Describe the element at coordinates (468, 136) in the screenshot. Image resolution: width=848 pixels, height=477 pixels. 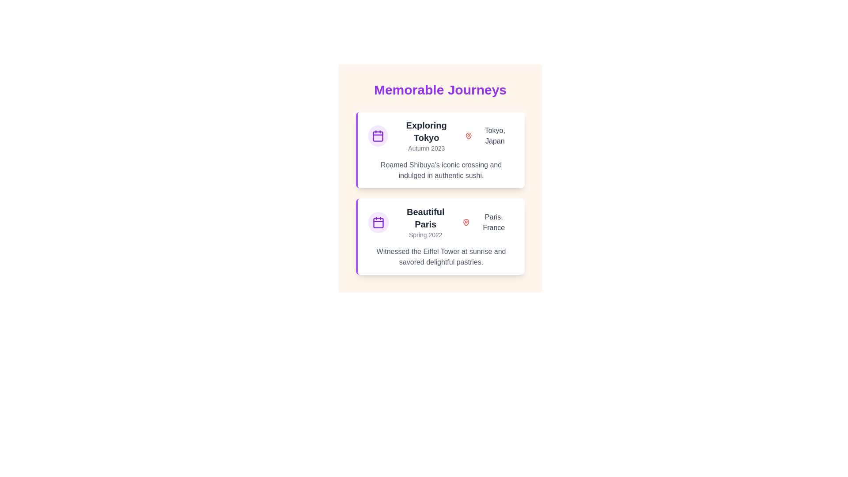
I see `the icon representing 'Tokyo, Japan' located in the top right corner of the 'Exploring Tokyo' card, adjacent to the text 'Tokyo, Japan'` at that location.